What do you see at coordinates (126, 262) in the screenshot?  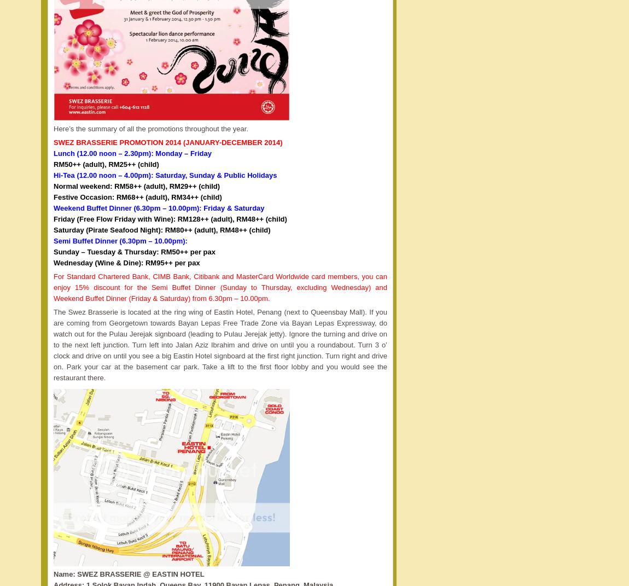 I see `'Wednesday (Wine & Dine): RM95++ per pax'` at bounding box center [126, 262].